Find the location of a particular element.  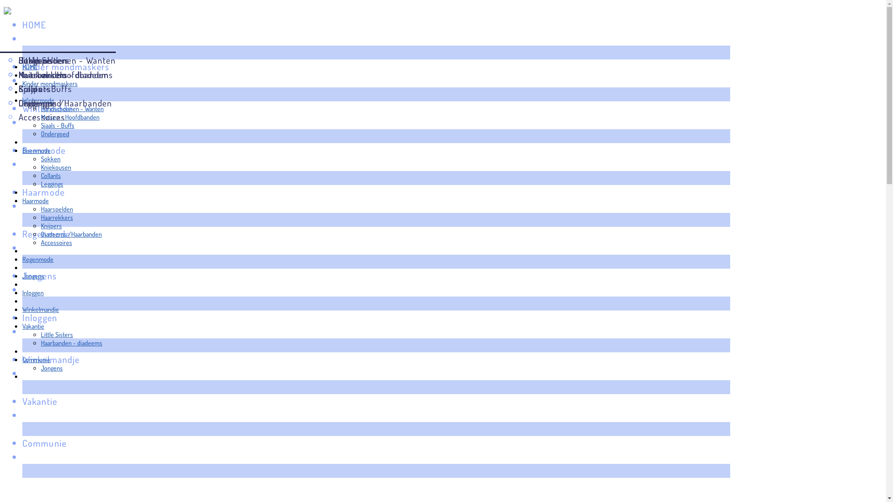

'Communie' is located at coordinates (22, 442).